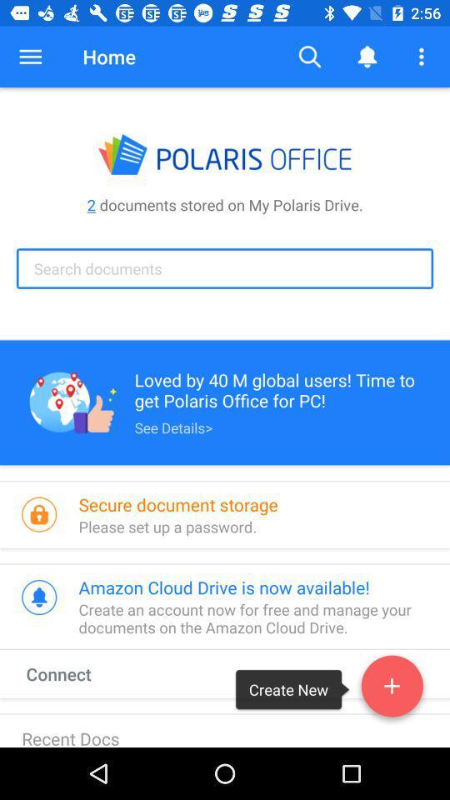 This screenshot has width=450, height=800. What do you see at coordinates (73, 673) in the screenshot?
I see `icon next to create new icon` at bounding box center [73, 673].